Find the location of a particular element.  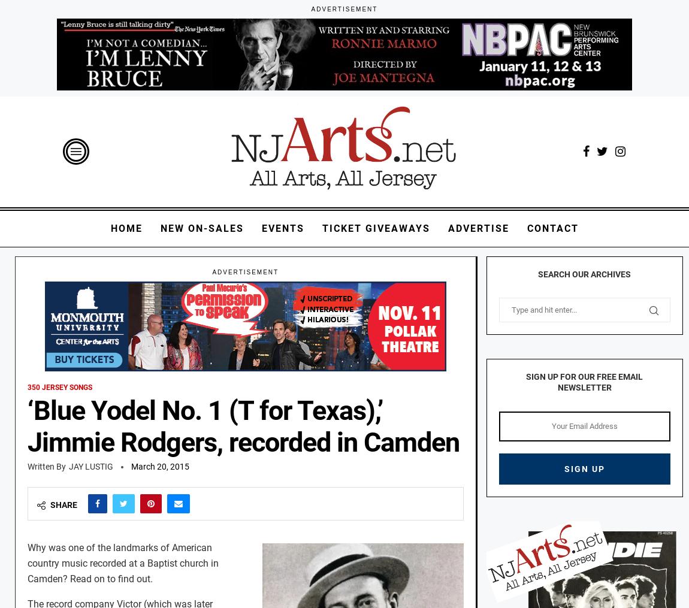

'Share' is located at coordinates (63, 504).